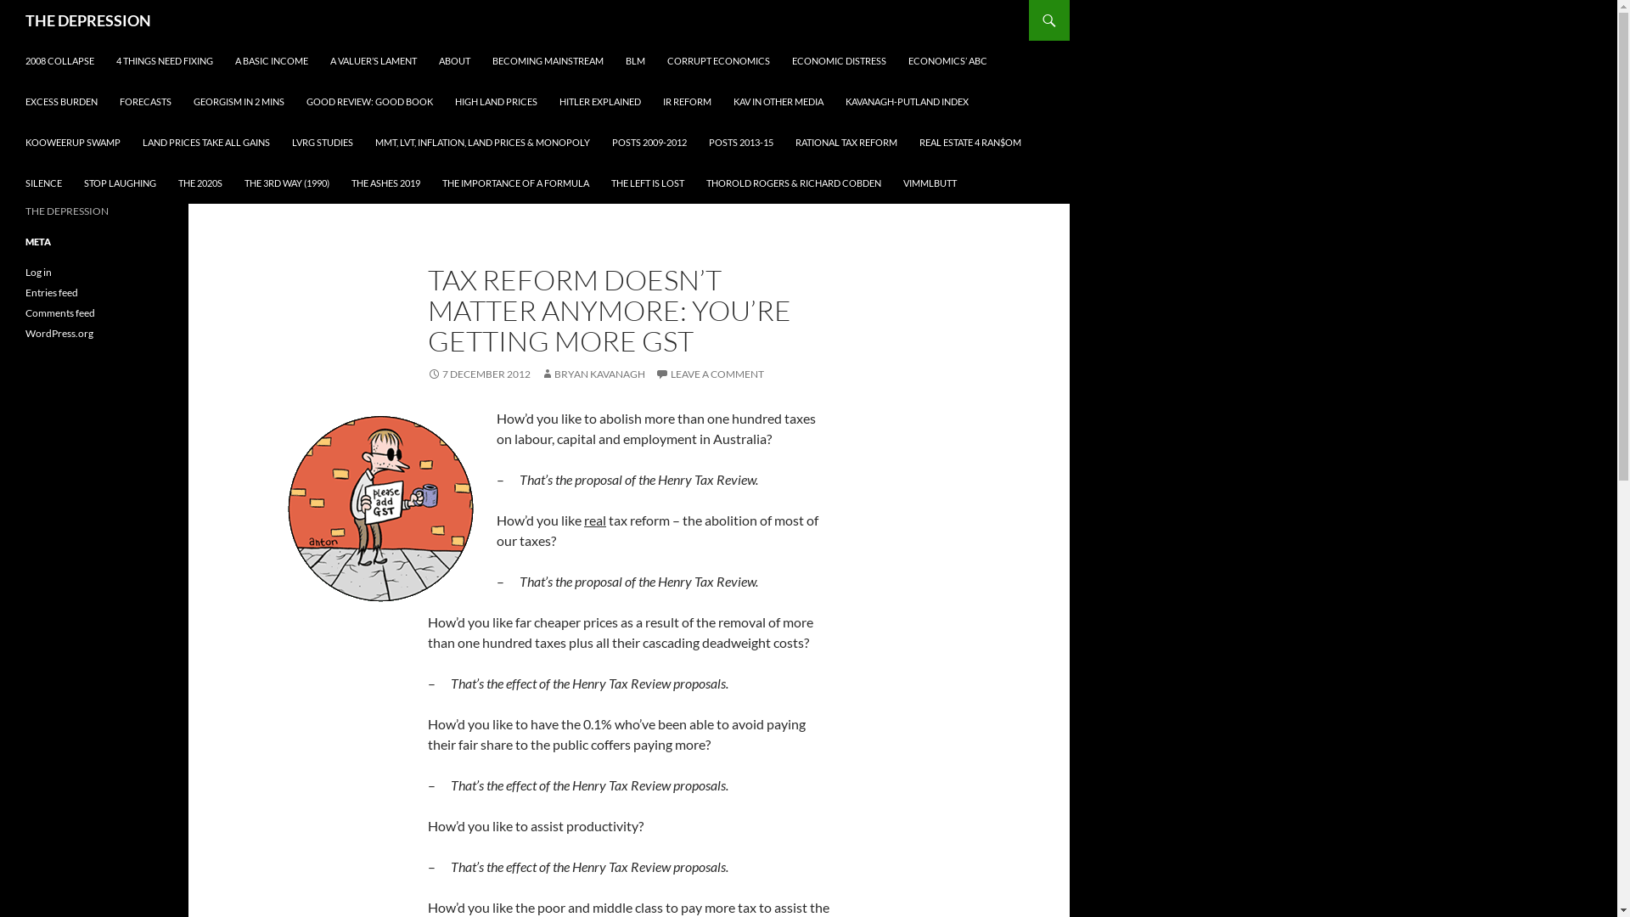  Describe the element at coordinates (793, 183) in the screenshot. I see `'THOROLD ROGERS & RICHARD COBDEN'` at that location.